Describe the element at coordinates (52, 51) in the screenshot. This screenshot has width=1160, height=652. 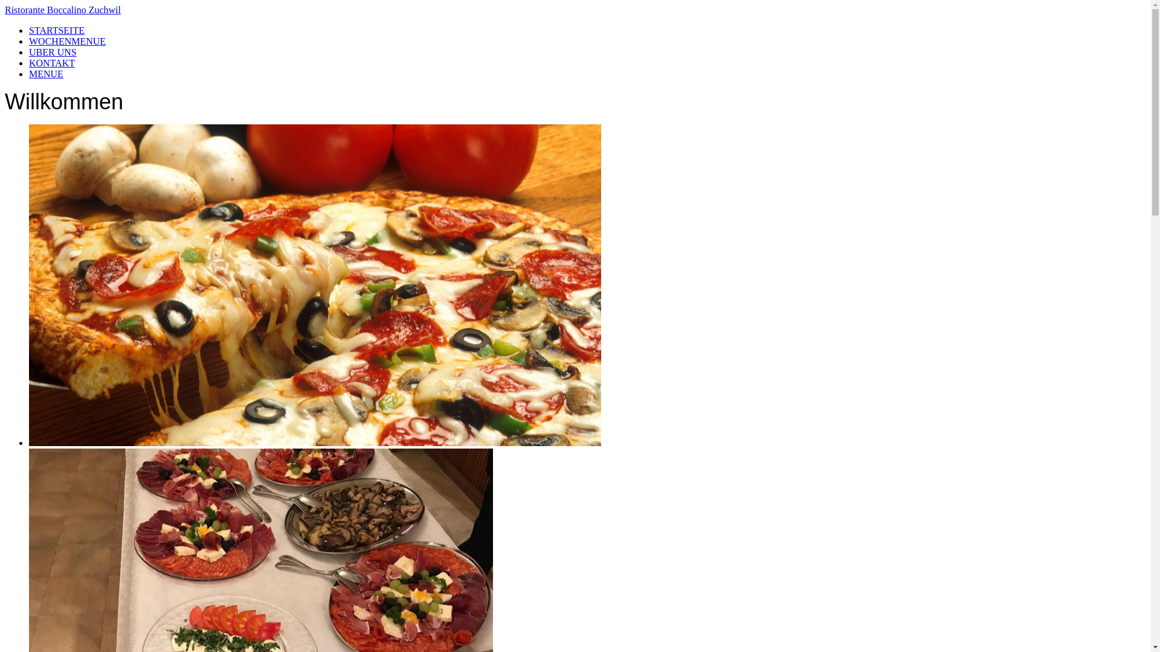
I see `'UBER UNS'` at that location.